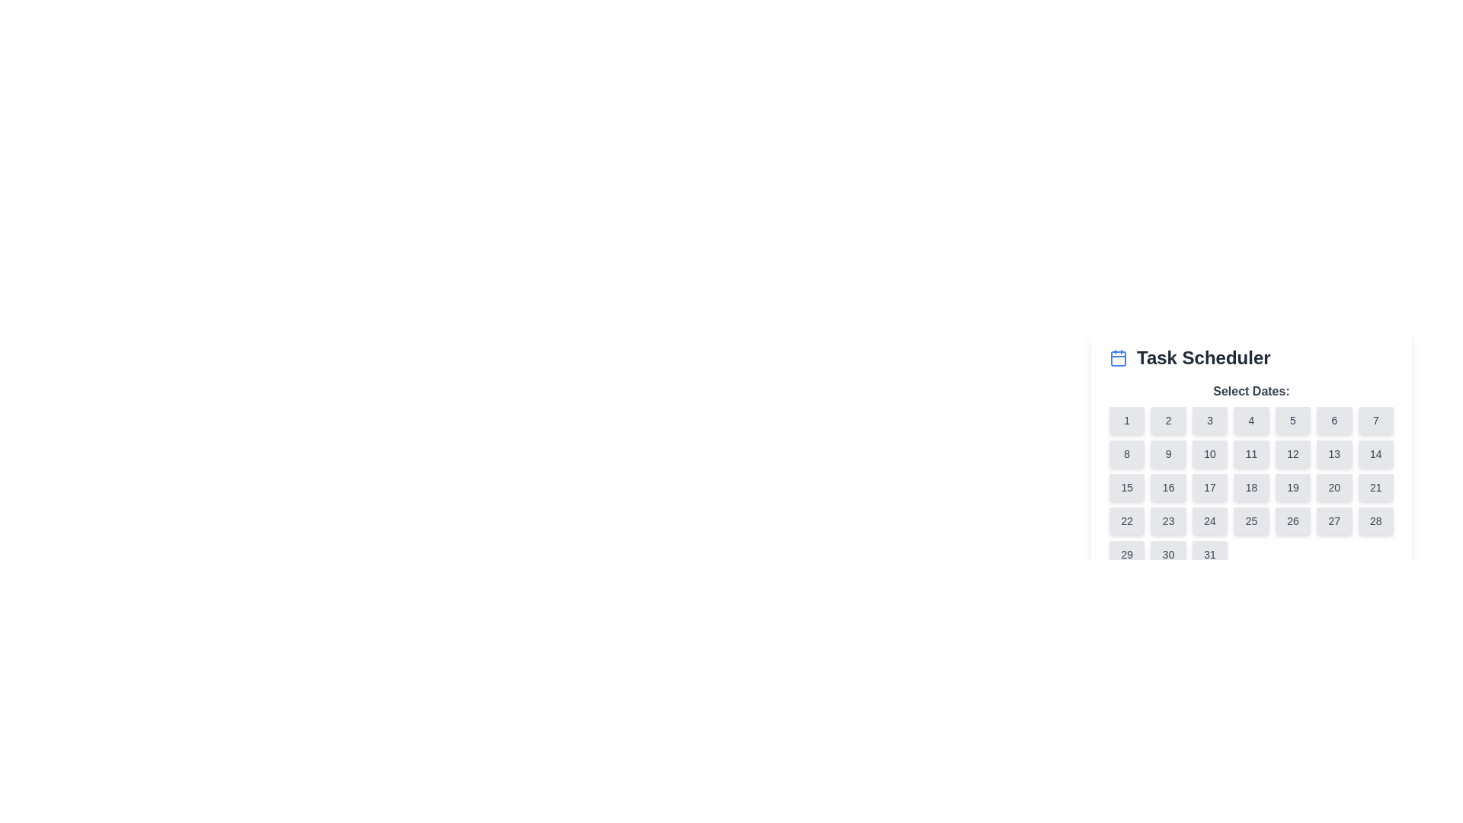 The width and height of the screenshot is (1463, 823). I want to click on the square button with a gray background and the text '24' centered within it, located in the fourth row and fourth column under the 'Select Dates:' title, so click(1209, 520).